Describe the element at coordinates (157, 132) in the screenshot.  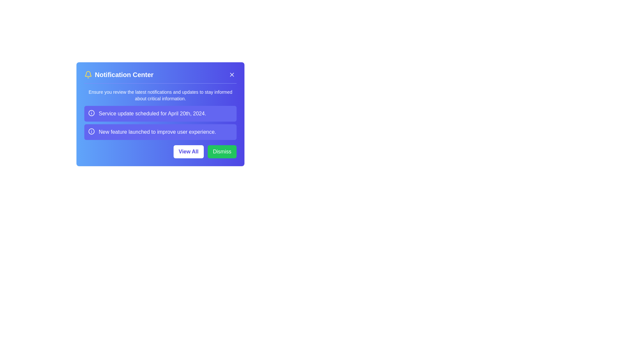
I see `the text element displaying the message 'New feature launched to improve user experience.' which is styled with white text on a purple background and located in the notification card UI` at that location.